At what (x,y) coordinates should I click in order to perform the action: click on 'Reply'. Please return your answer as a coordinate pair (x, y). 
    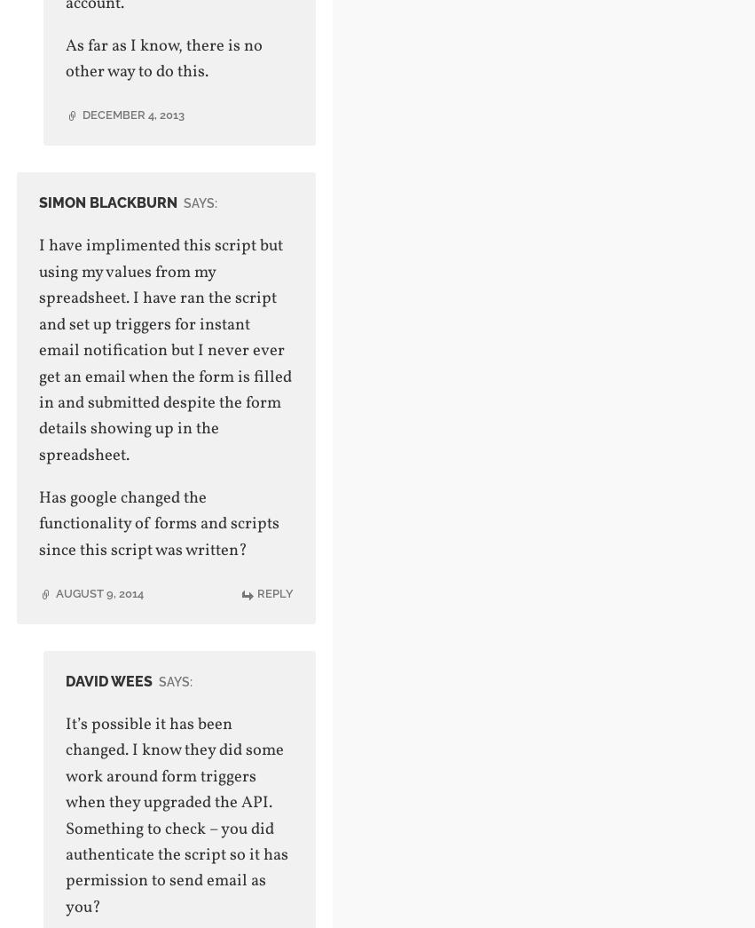
    Looking at the image, I should click on (274, 592).